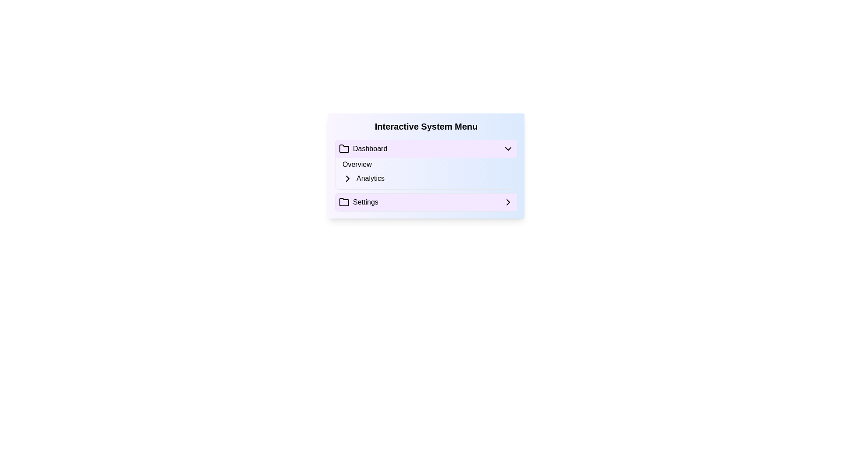 The image size is (842, 473). What do you see at coordinates (357, 164) in the screenshot?
I see `the 'Overview' text label in the vertical menu, which is positioned between the 'Dashboard' and 'Analytics' items` at bounding box center [357, 164].